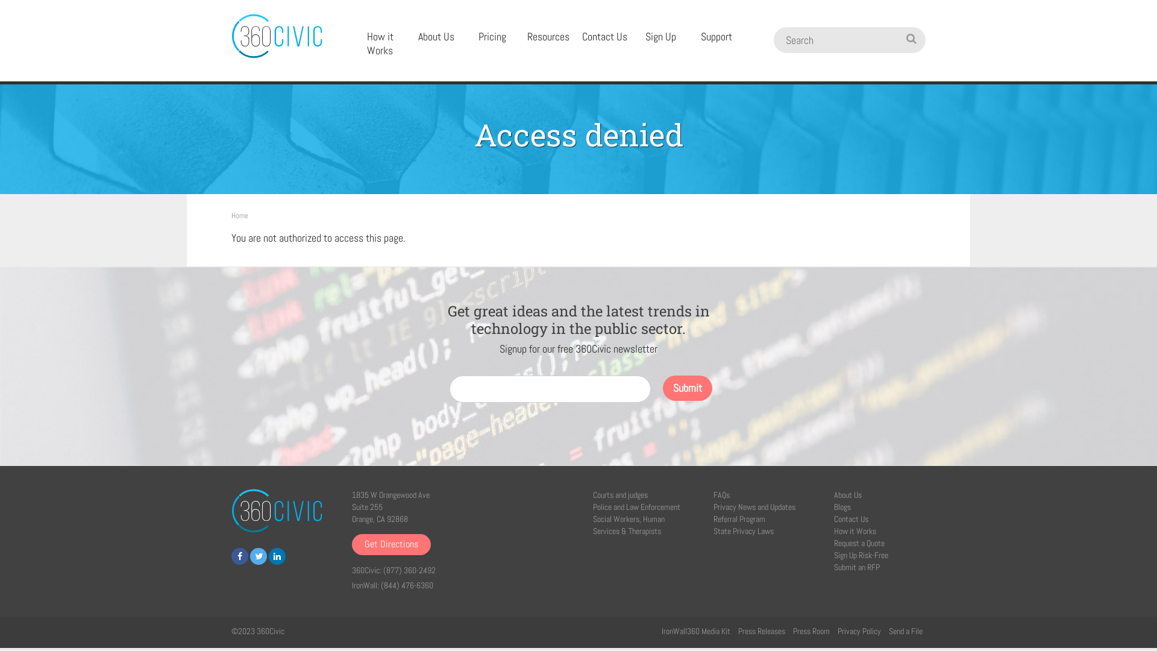 This screenshot has height=651, width=1157. What do you see at coordinates (696, 630) in the screenshot?
I see `'IronWall360 Media Kit'` at bounding box center [696, 630].